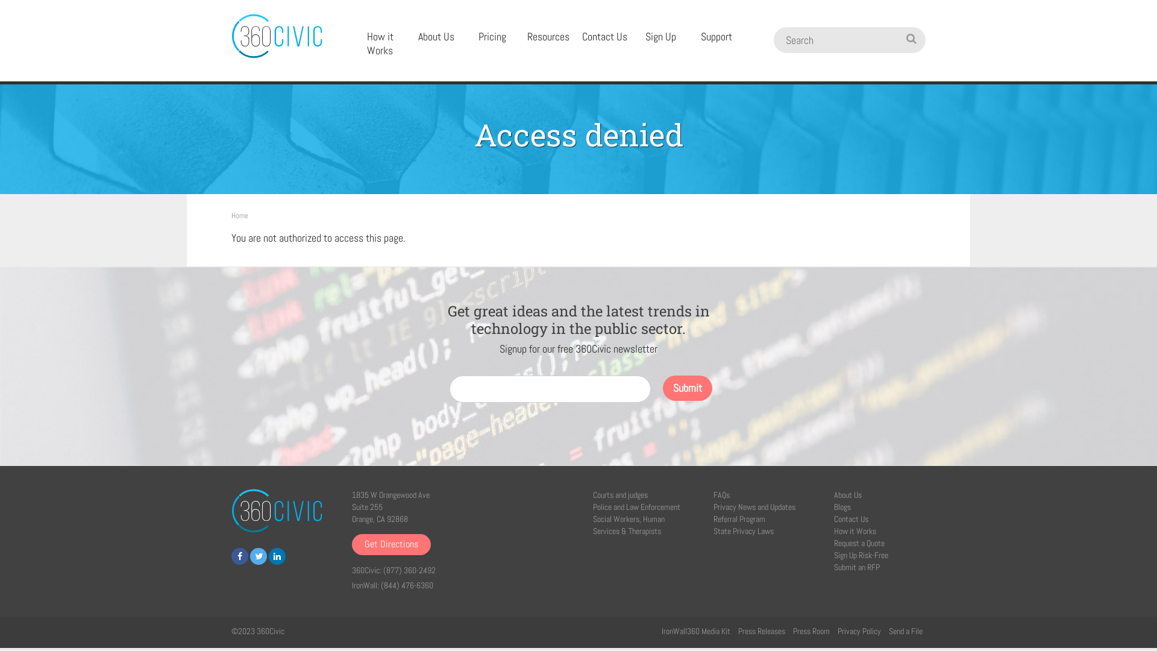 This screenshot has height=651, width=1157. What do you see at coordinates (696, 630) in the screenshot?
I see `'IronWall360 Media Kit'` at bounding box center [696, 630].